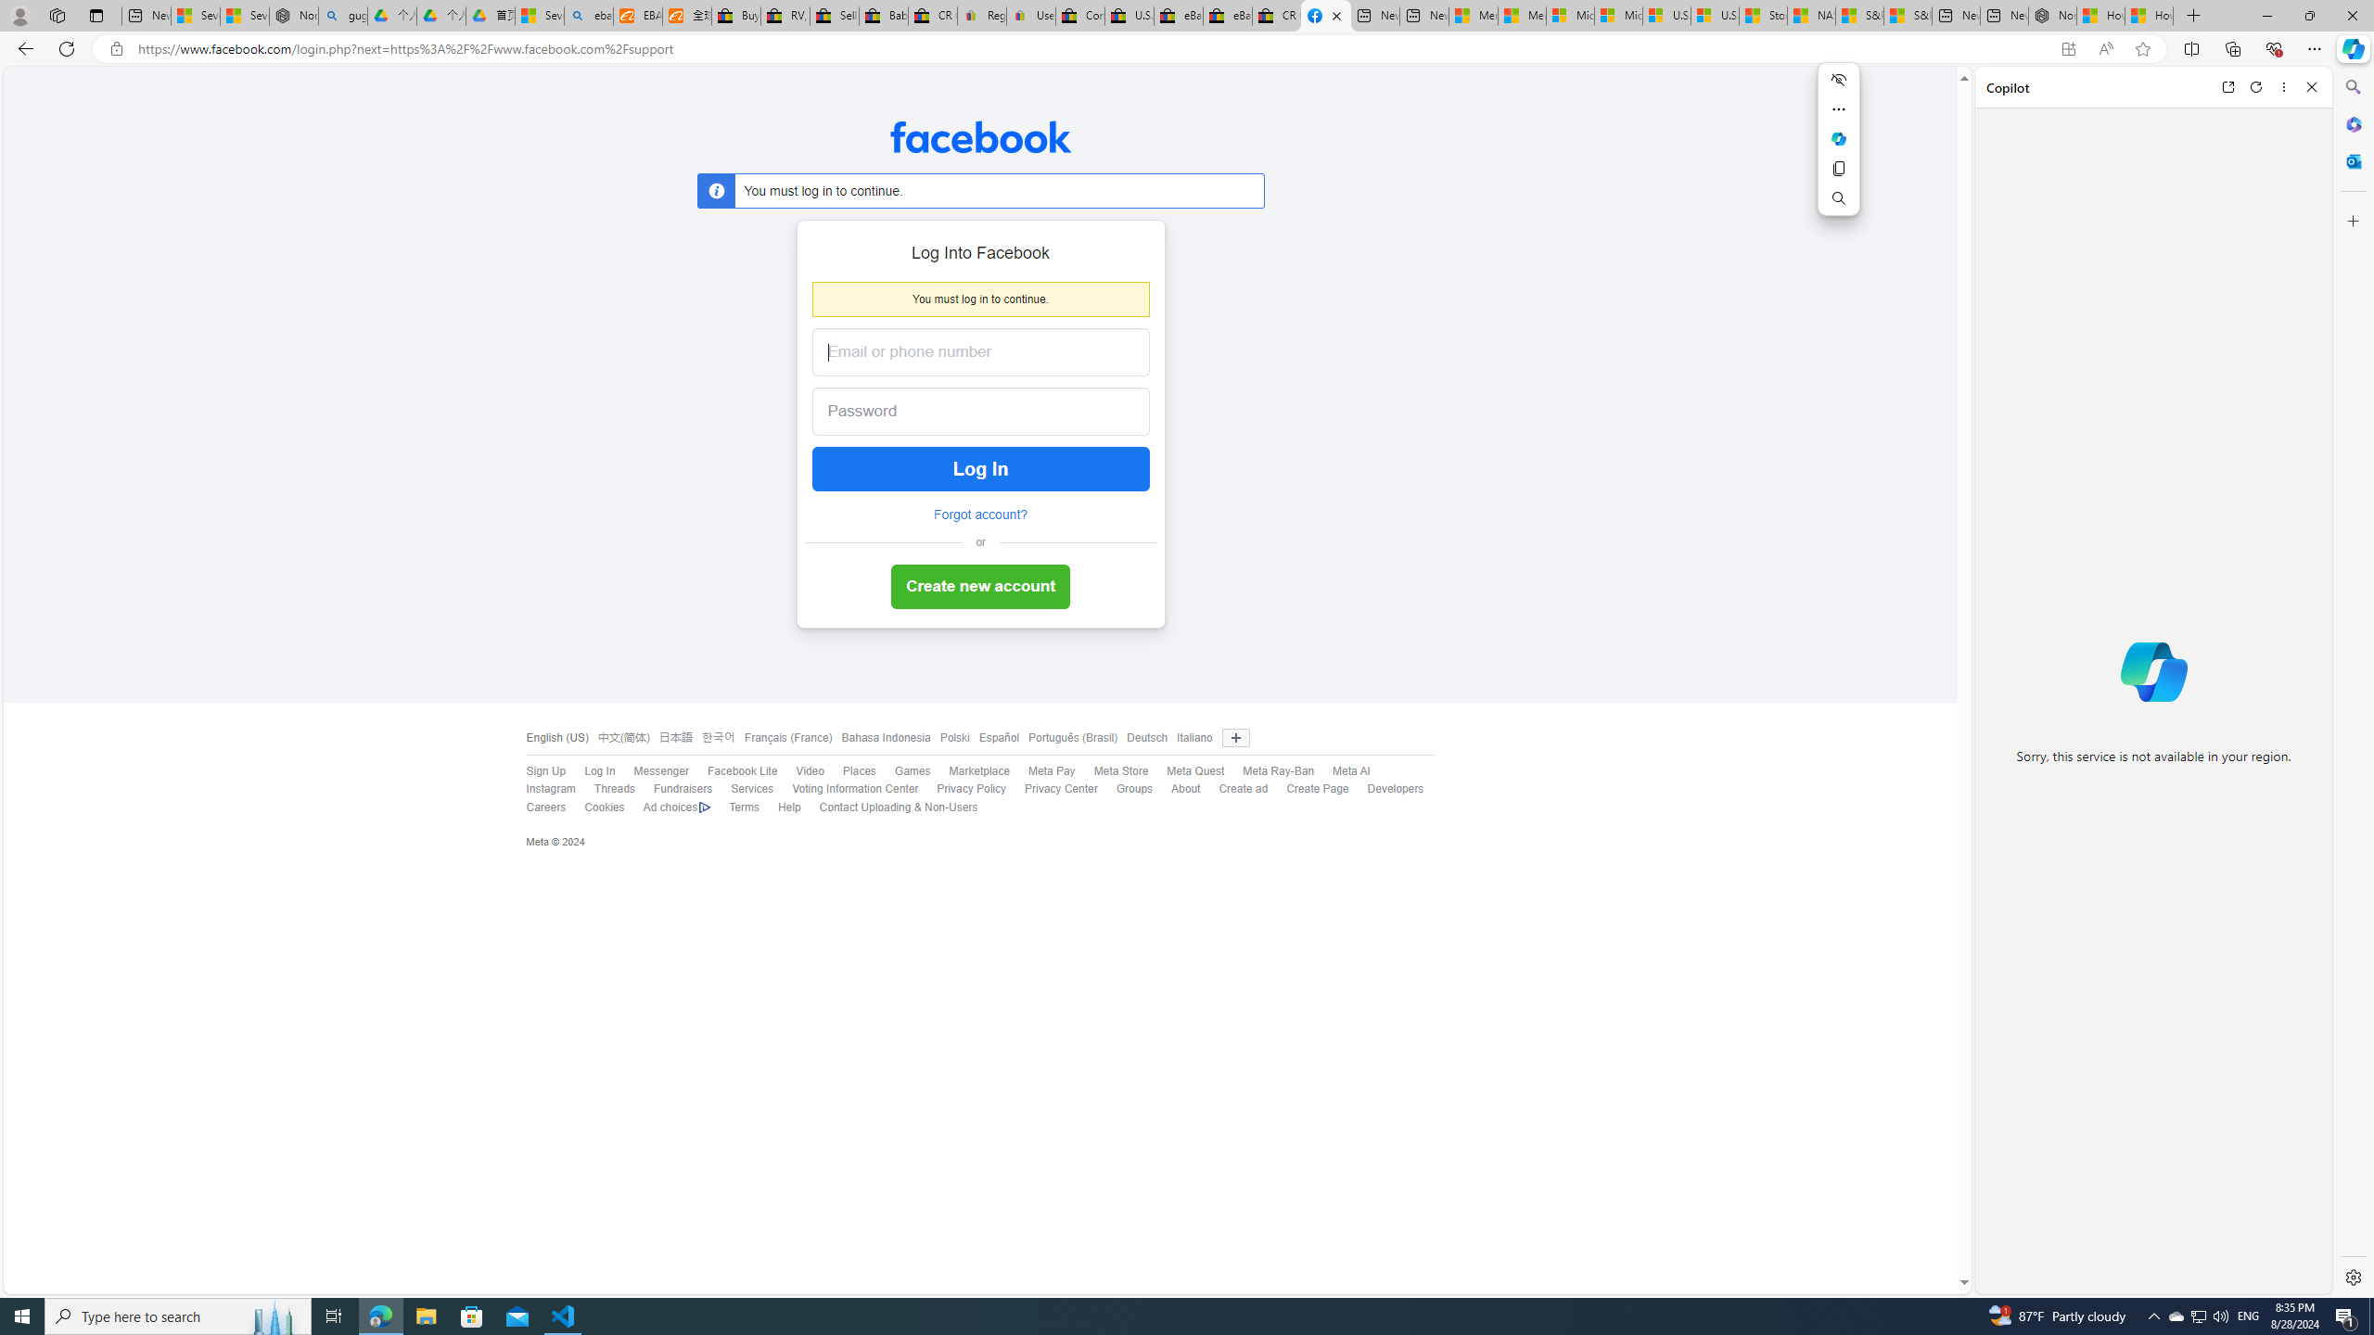  Describe the element at coordinates (672, 789) in the screenshot. I see `'Fundraisers'` at that location.